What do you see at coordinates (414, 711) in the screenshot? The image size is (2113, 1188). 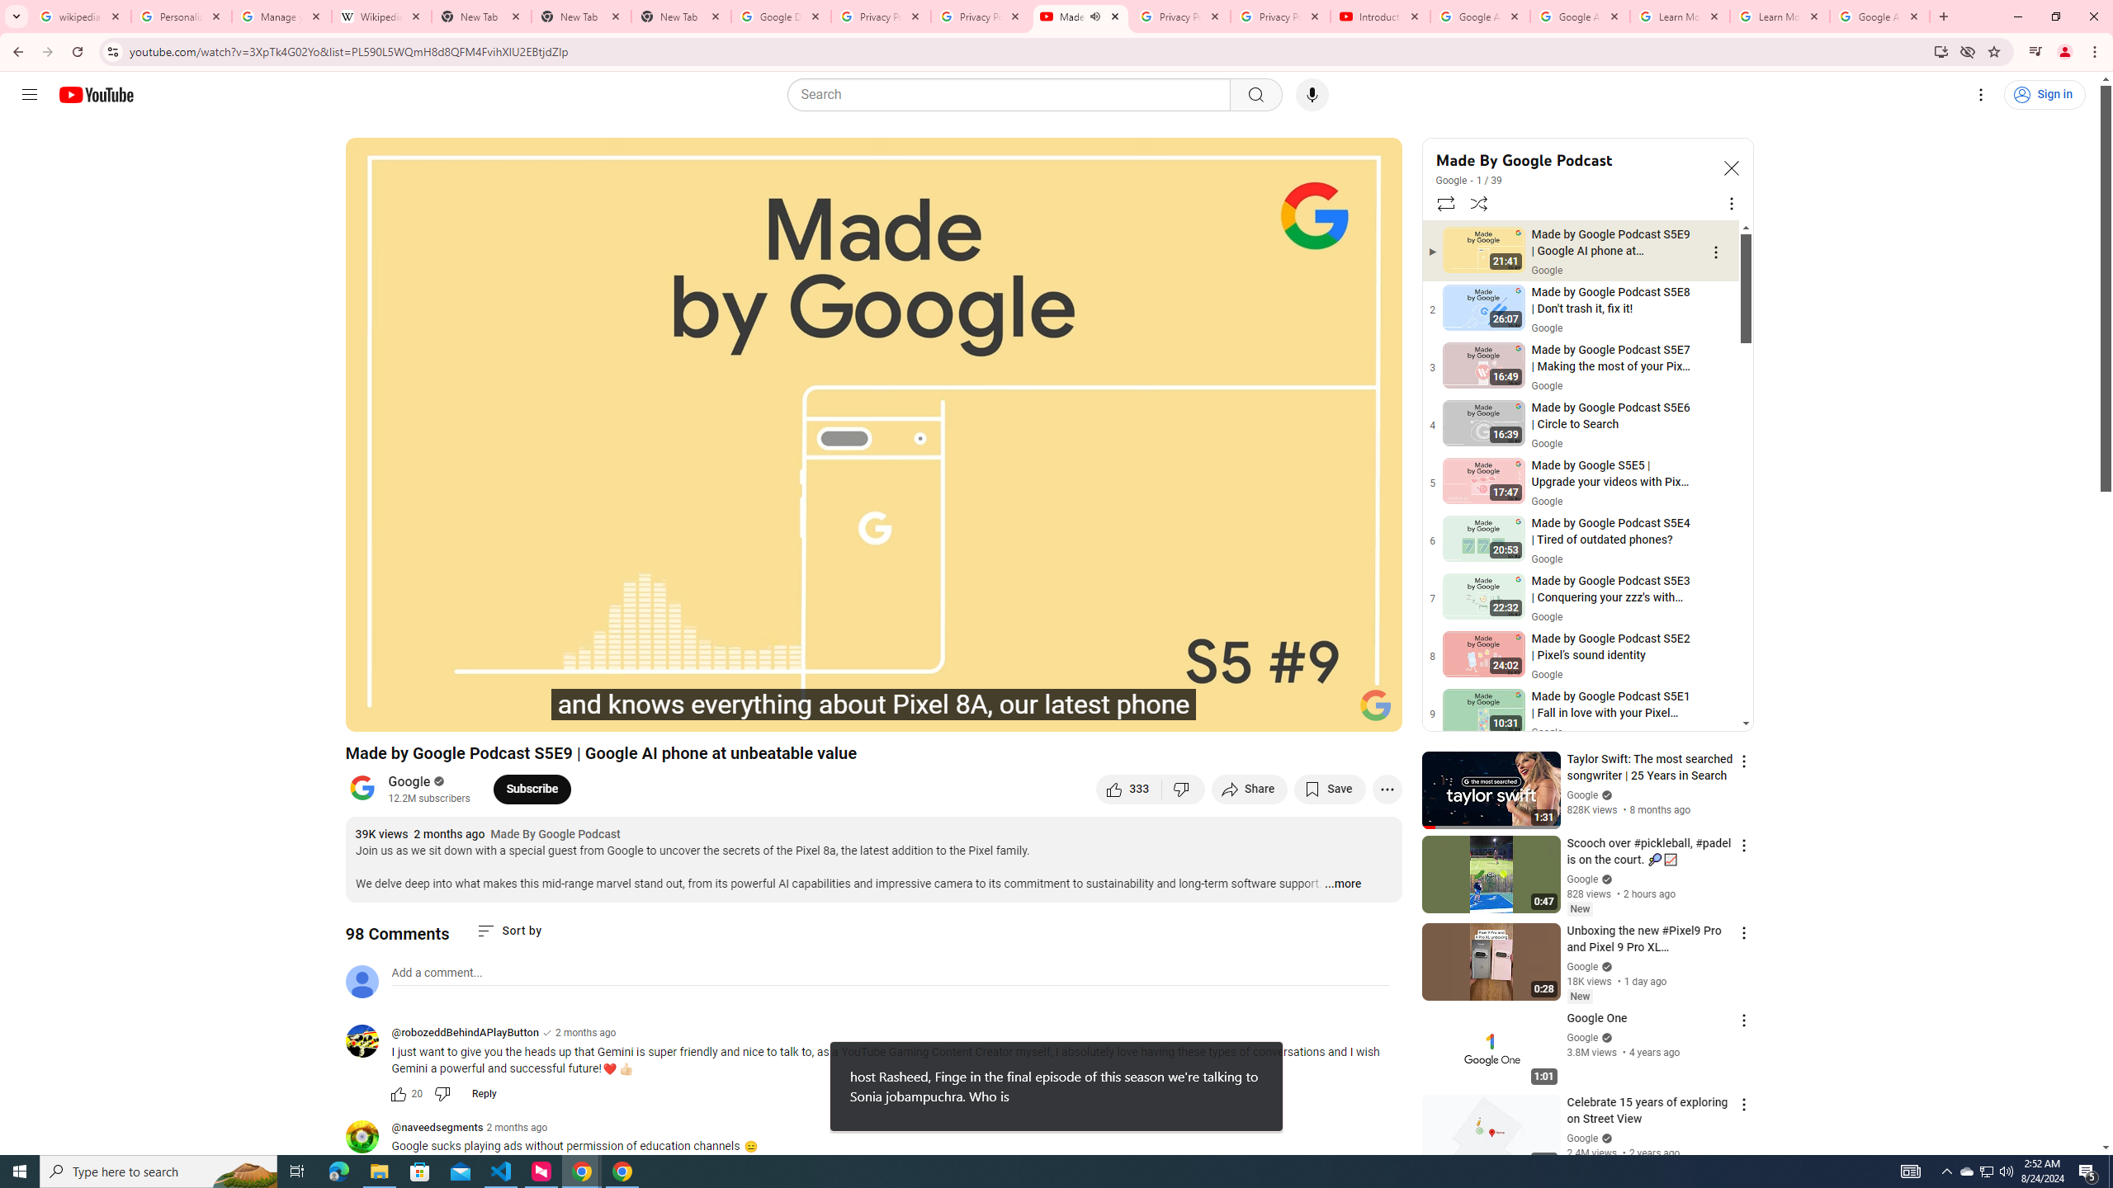 I see `'Pause (k)'` at bounding box center [414, 711].